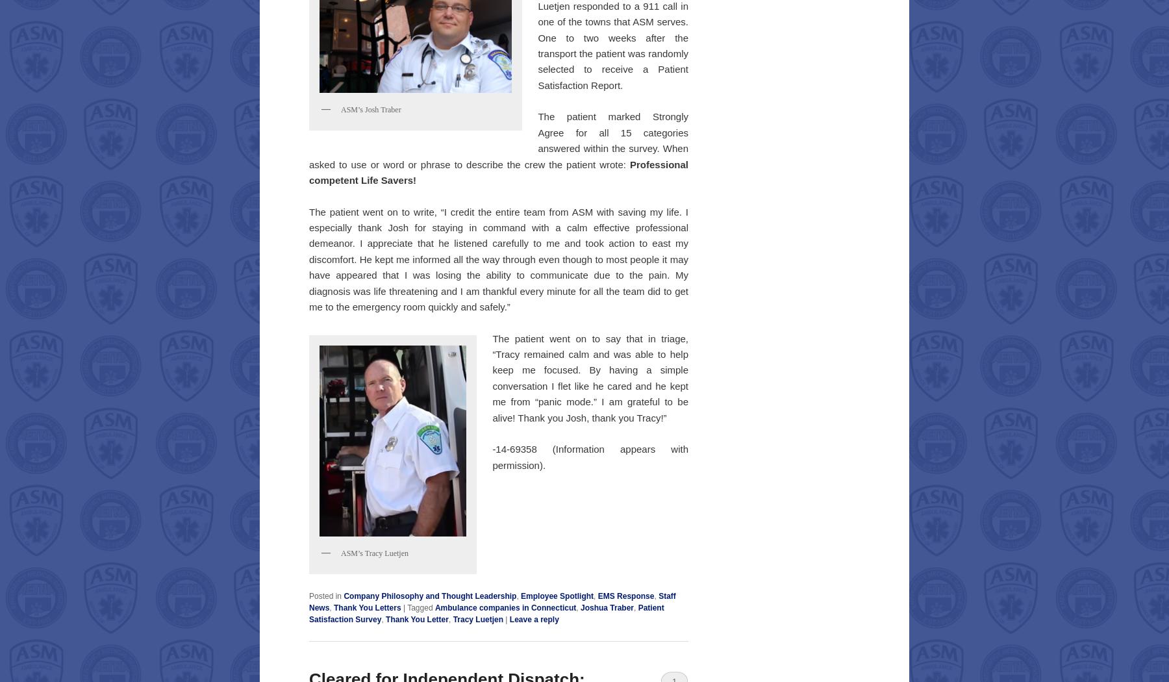  Describe the element at coordinates (498, 171) in the screenshot. I see `'Professional competent Life Savers!'` at that location.